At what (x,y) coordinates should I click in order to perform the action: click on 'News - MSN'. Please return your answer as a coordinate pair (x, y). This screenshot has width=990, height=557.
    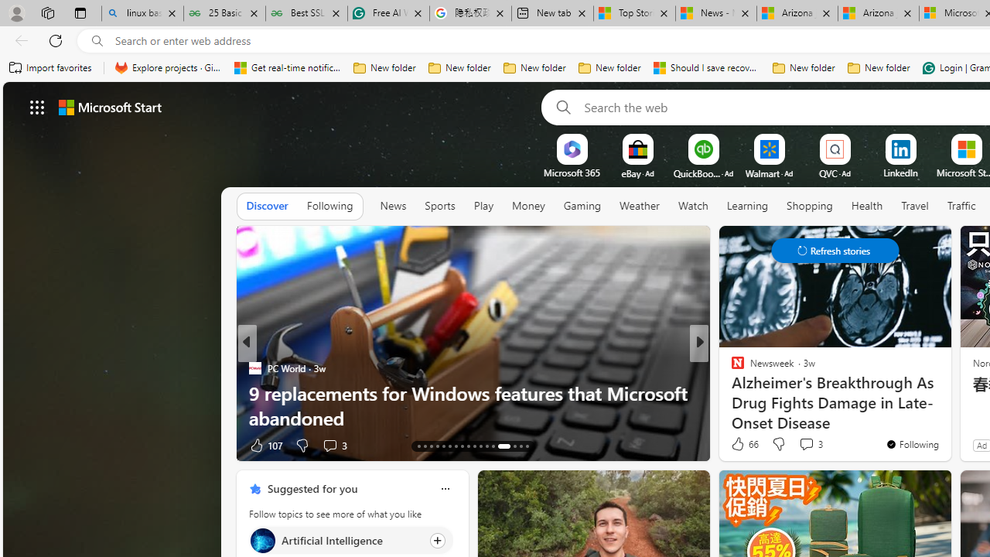
    Looking at the image, I should click on (715, 13).